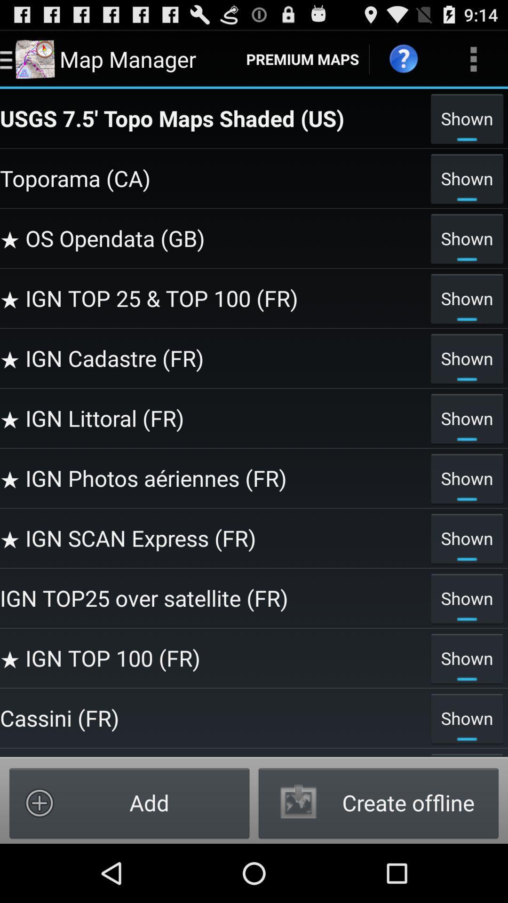 Image resolution: width=508 pixels, height=903 pixels. What do you see at coordinates (213, 418) in the screenshot?
I see `icon below the shown icon` at bounding box center [213, 418].